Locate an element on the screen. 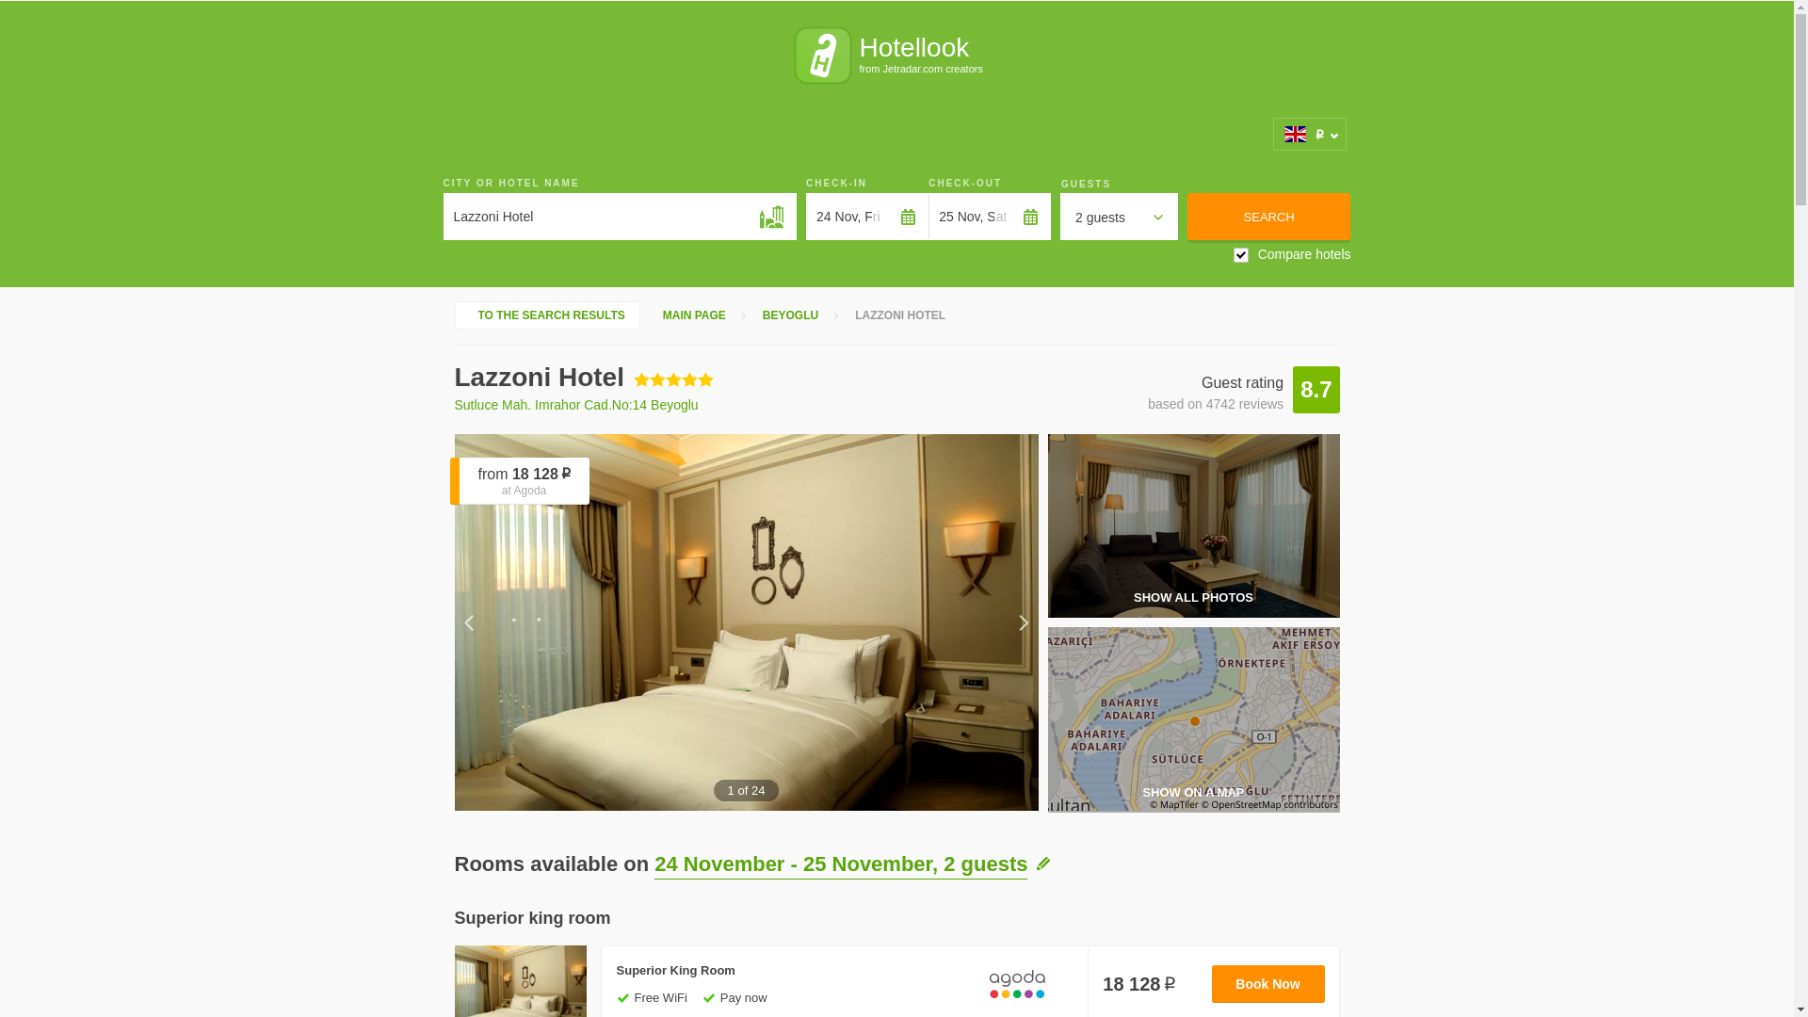 This screenshot has height=1017, width=1808. 'Hotellook is located at coordinates (895, 54).